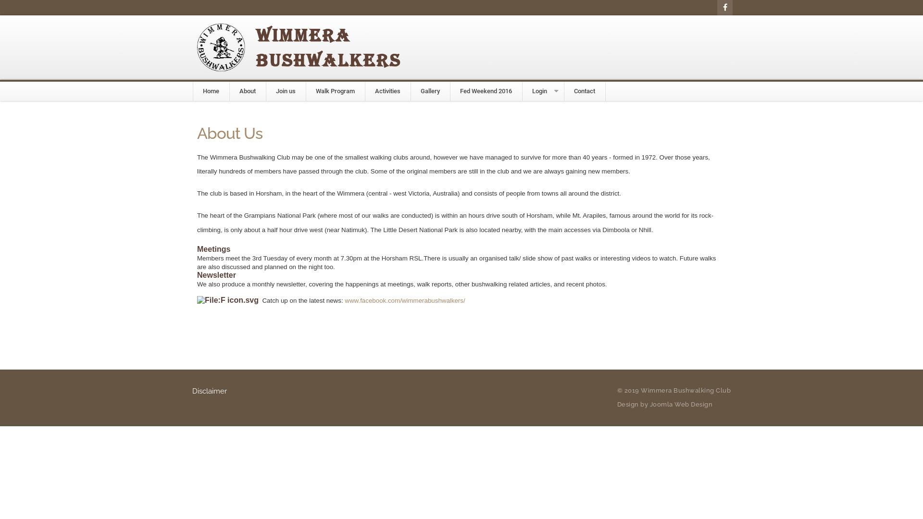  I want to click on 'Home', so click(193, 91).